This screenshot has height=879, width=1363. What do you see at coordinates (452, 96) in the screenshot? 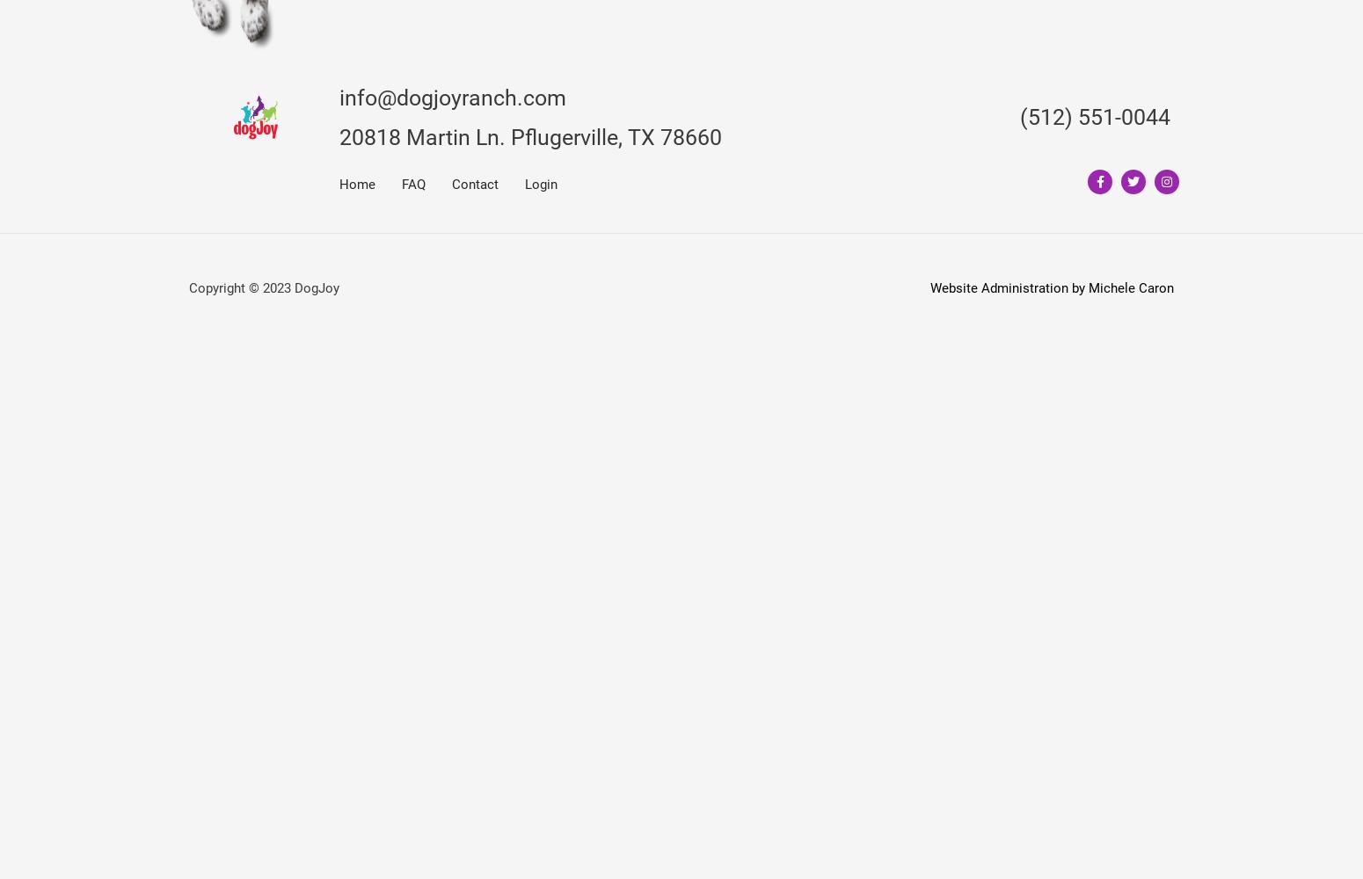
I see `'info@dogjoyranch.com'` at bounding box center [452, 96].